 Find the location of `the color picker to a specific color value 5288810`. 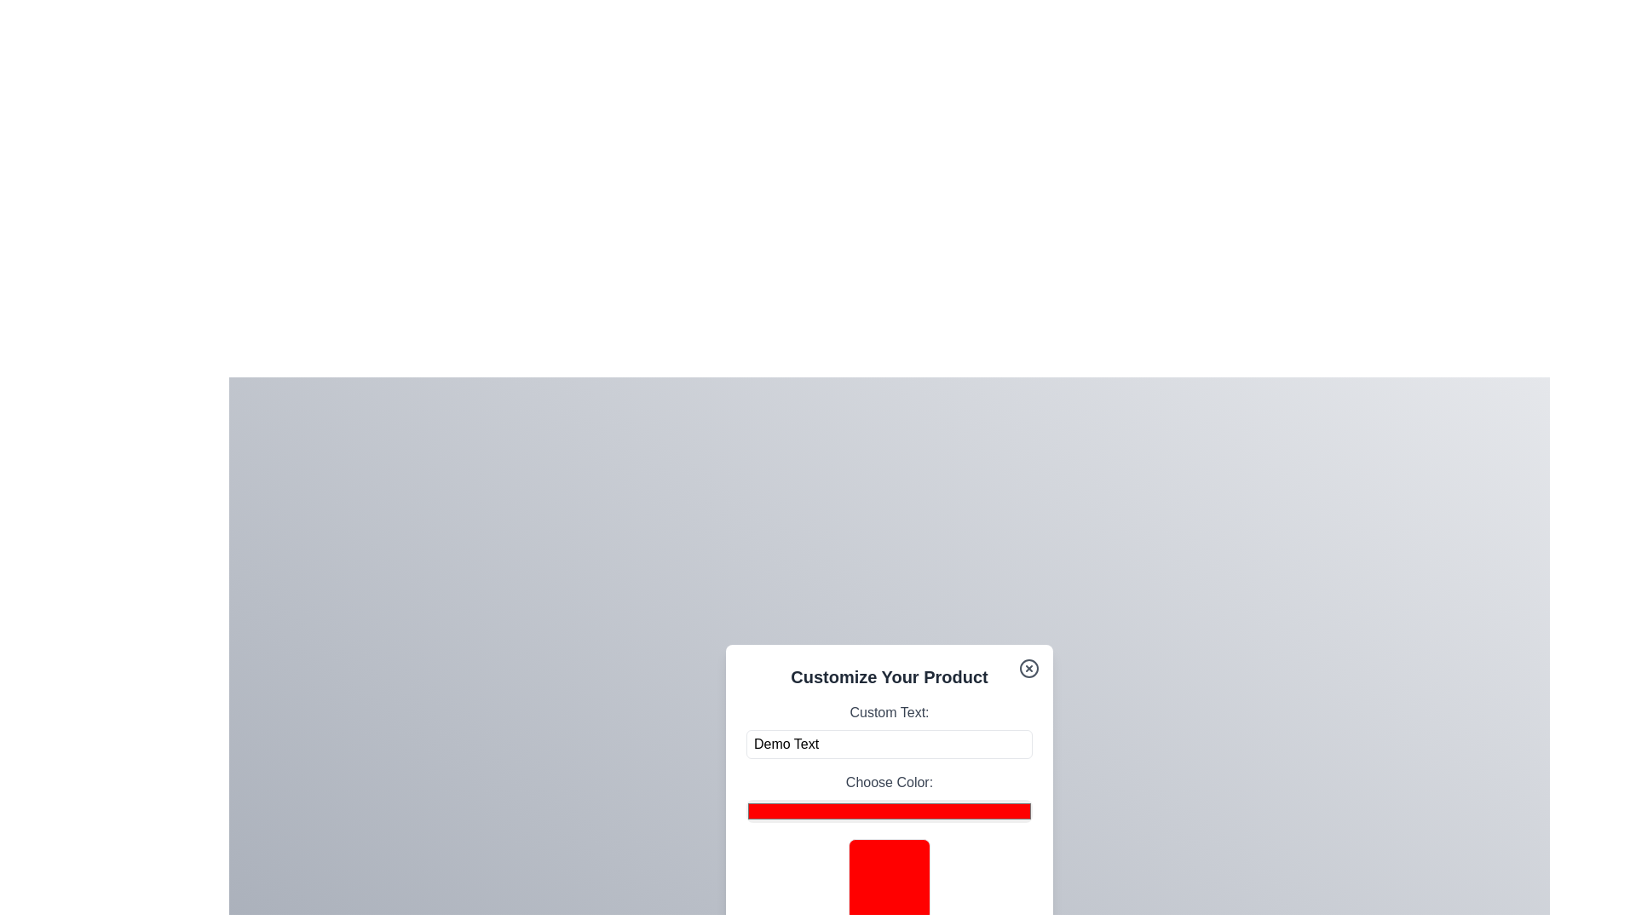

the color picker to a specific color value 5288810 is located at coordinates (888, 810).